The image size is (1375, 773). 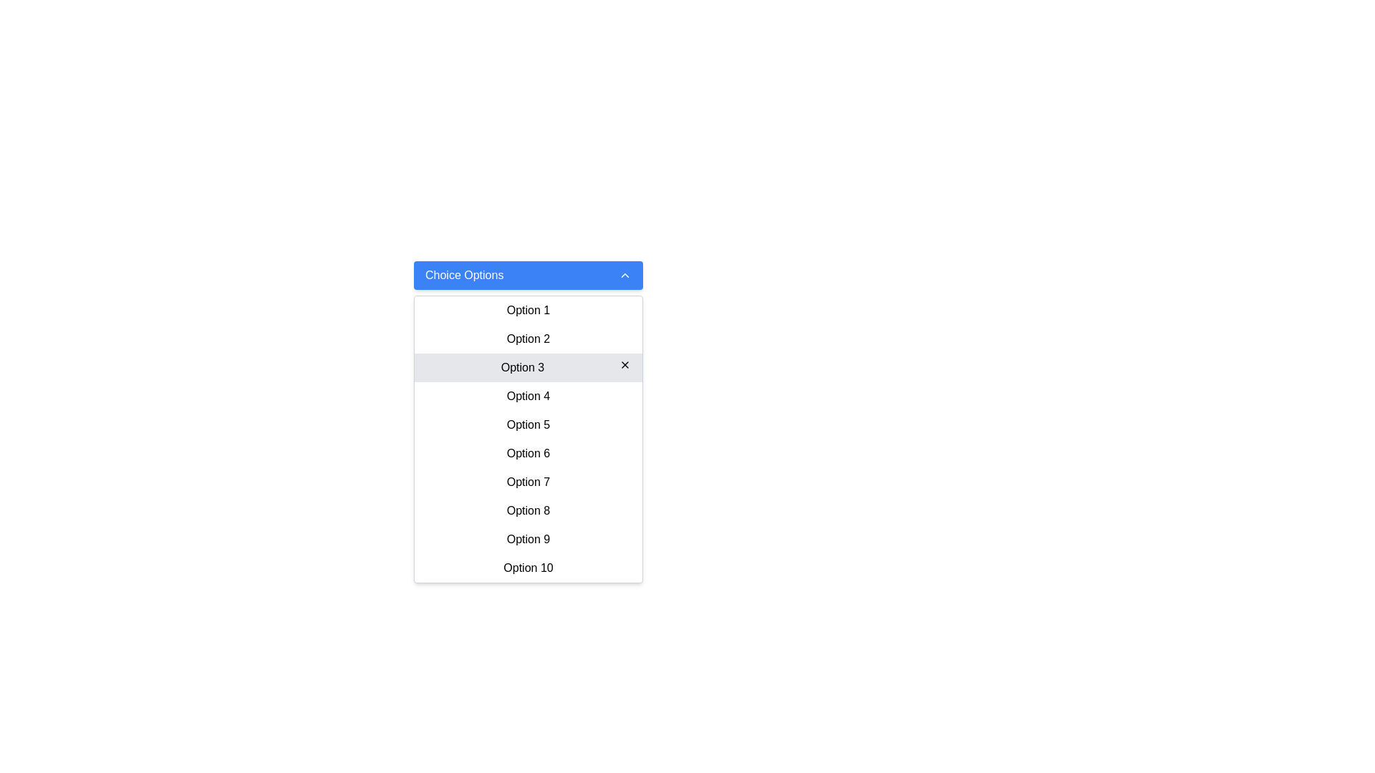 What do you see at coordinates (528, 510) in the screenshot?
I see `the eighth item in the dropdown menu` at bounding box center [528, 510].